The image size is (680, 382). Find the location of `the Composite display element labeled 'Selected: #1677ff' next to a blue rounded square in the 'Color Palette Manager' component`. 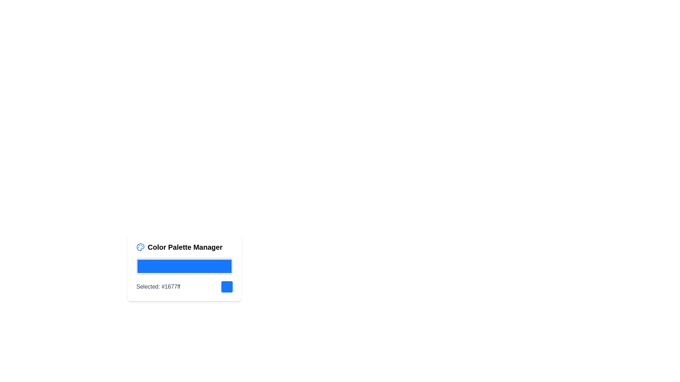

the Composite display element labeled 'Selected: #1677ff' next to a blue rounded square in the 'Color Palette Manager' component is located at coordinates (185, 286).